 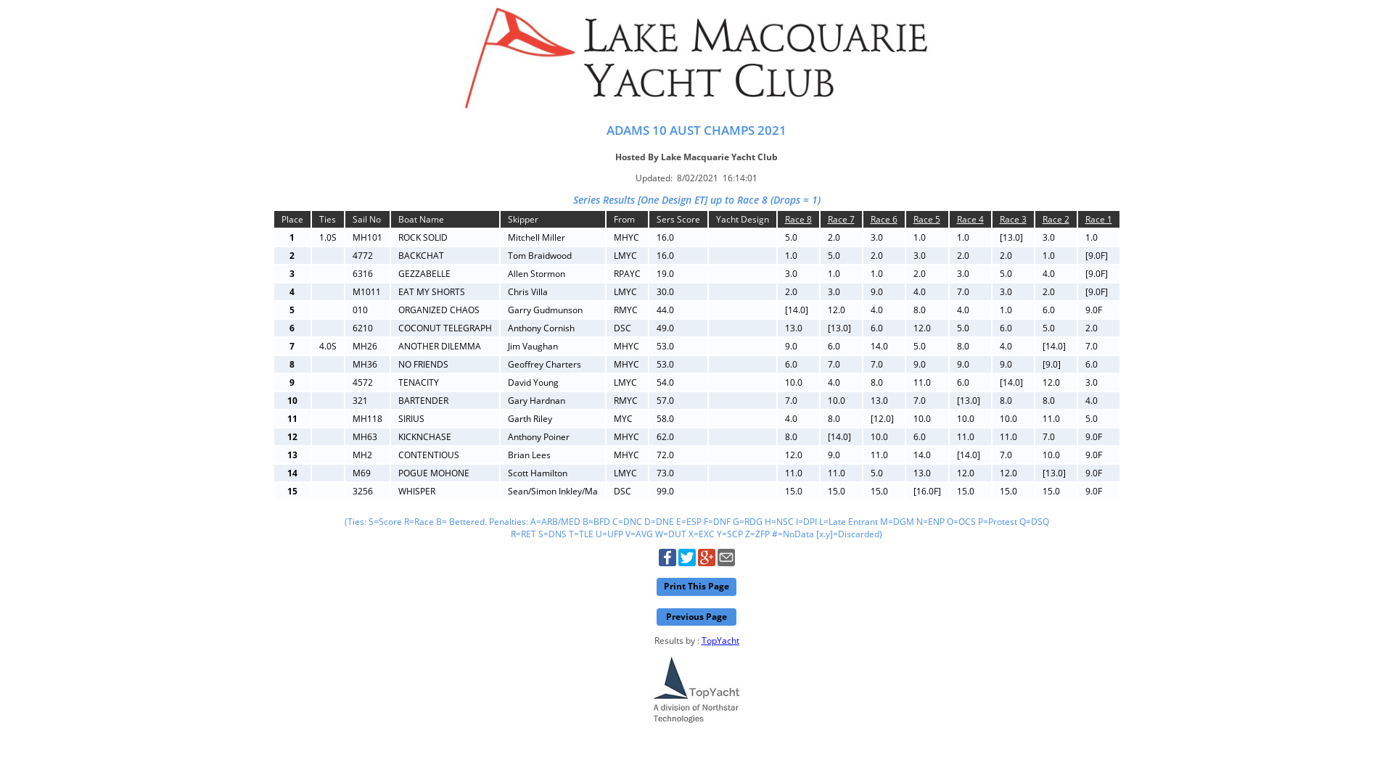 I want to click on ' Previous Page ', so click(x=696, y=617).